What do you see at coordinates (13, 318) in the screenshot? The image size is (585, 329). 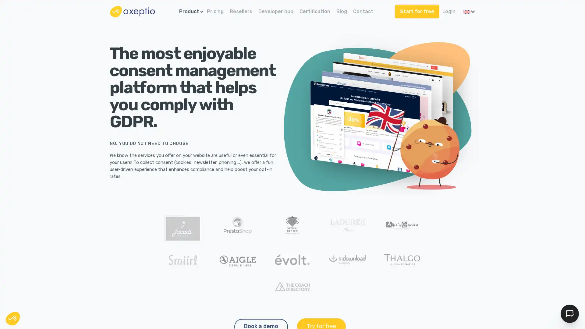 I see `Close` at bounding box center [13, 318].